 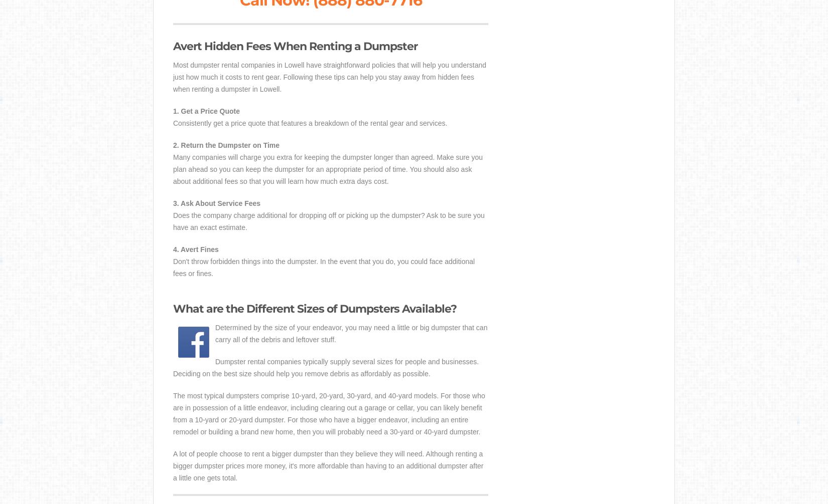 I want to click on '2. Return the Dumpster on Time', so click(x=225, y=145).